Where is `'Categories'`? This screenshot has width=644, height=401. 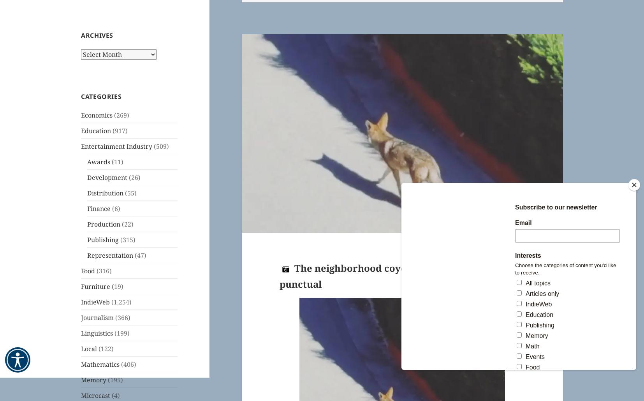 'Categories' is located at coordinates (101, 96).